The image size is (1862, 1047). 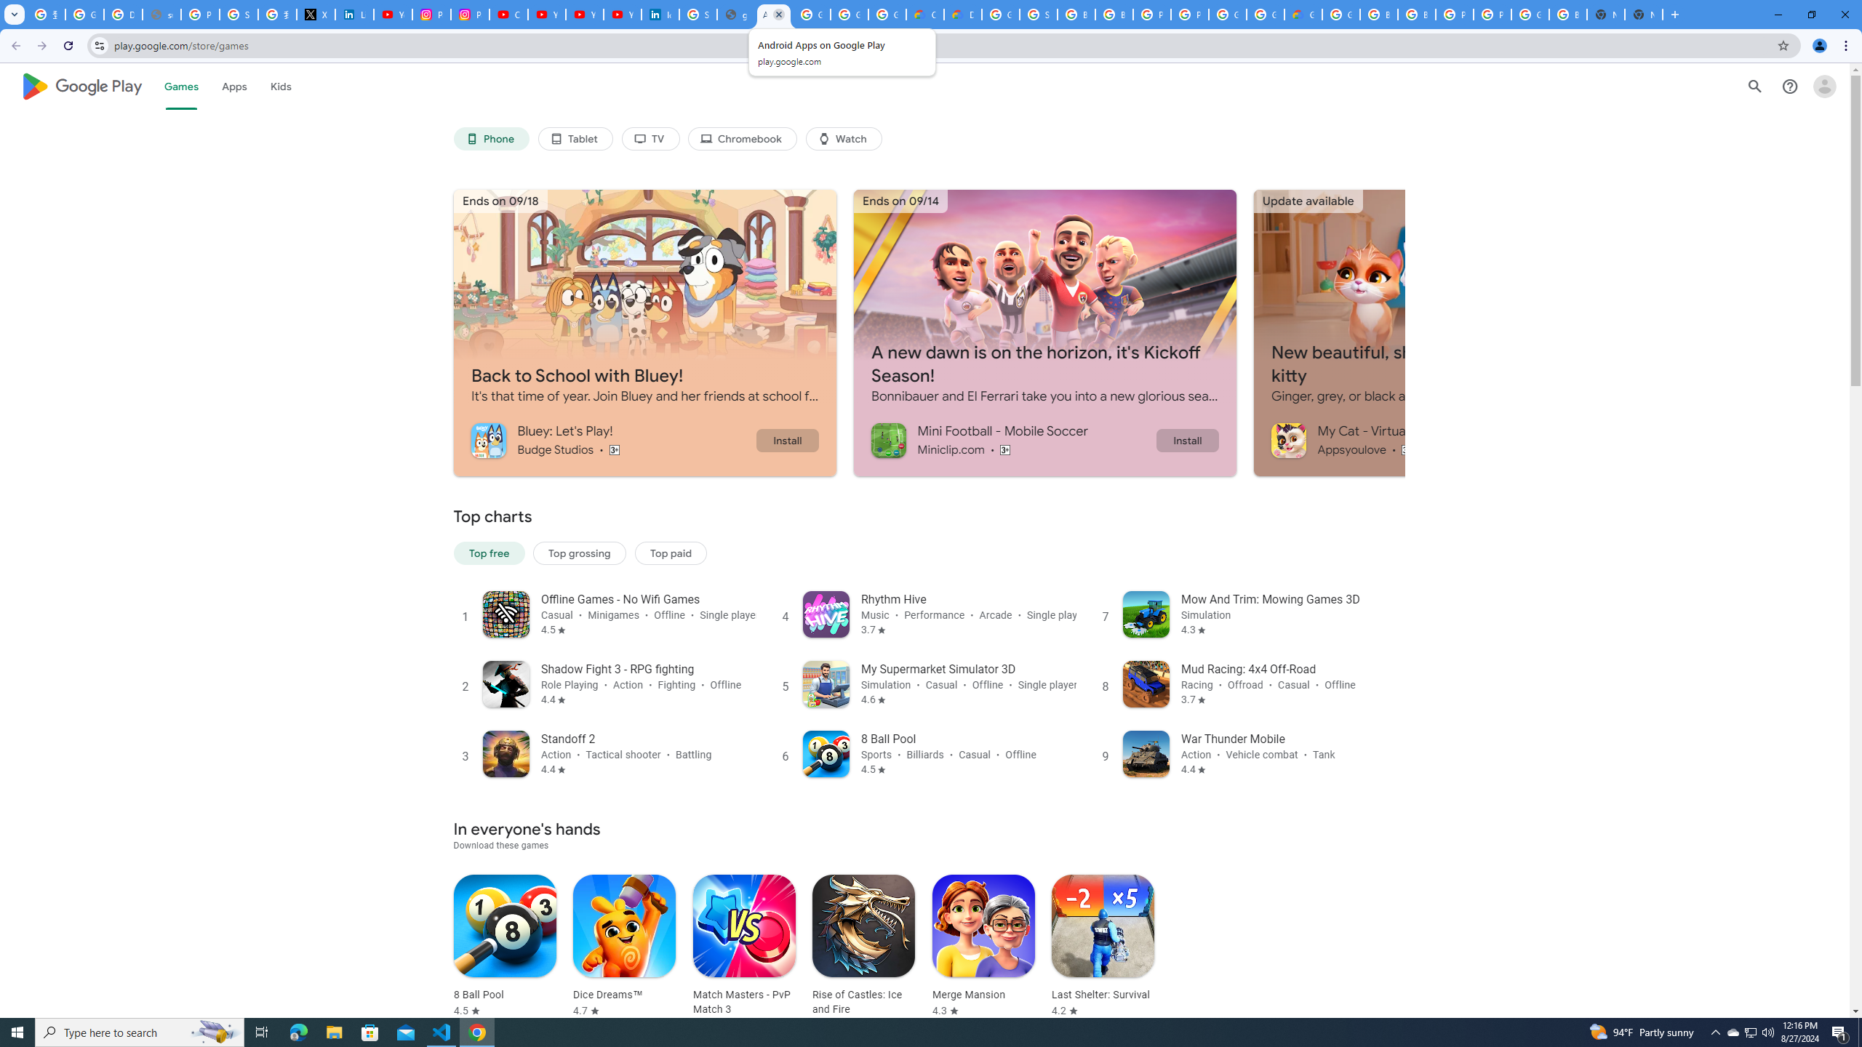 What do you see at coordinates (161, 14) in the screenshot?
I see `'support.google.com - Network error'` at bounding box center [161, 14].